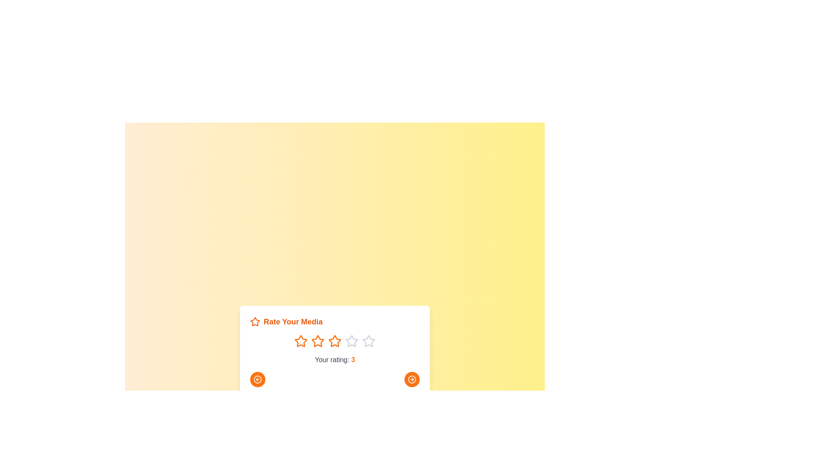  Describe the element at coordinates (301, 341) in the screenshot. I see `the rating to 1 by clicking on the corresponding star` at that location.